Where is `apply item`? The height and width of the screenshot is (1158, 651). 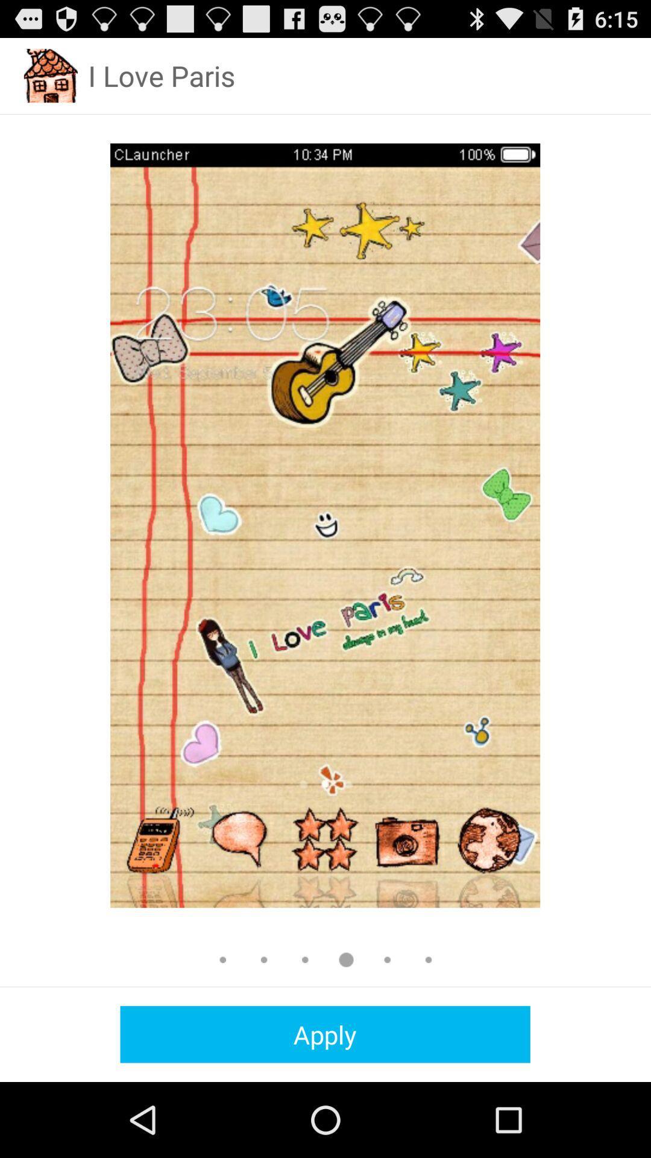 apply item is located at coordinates (324, 1034).